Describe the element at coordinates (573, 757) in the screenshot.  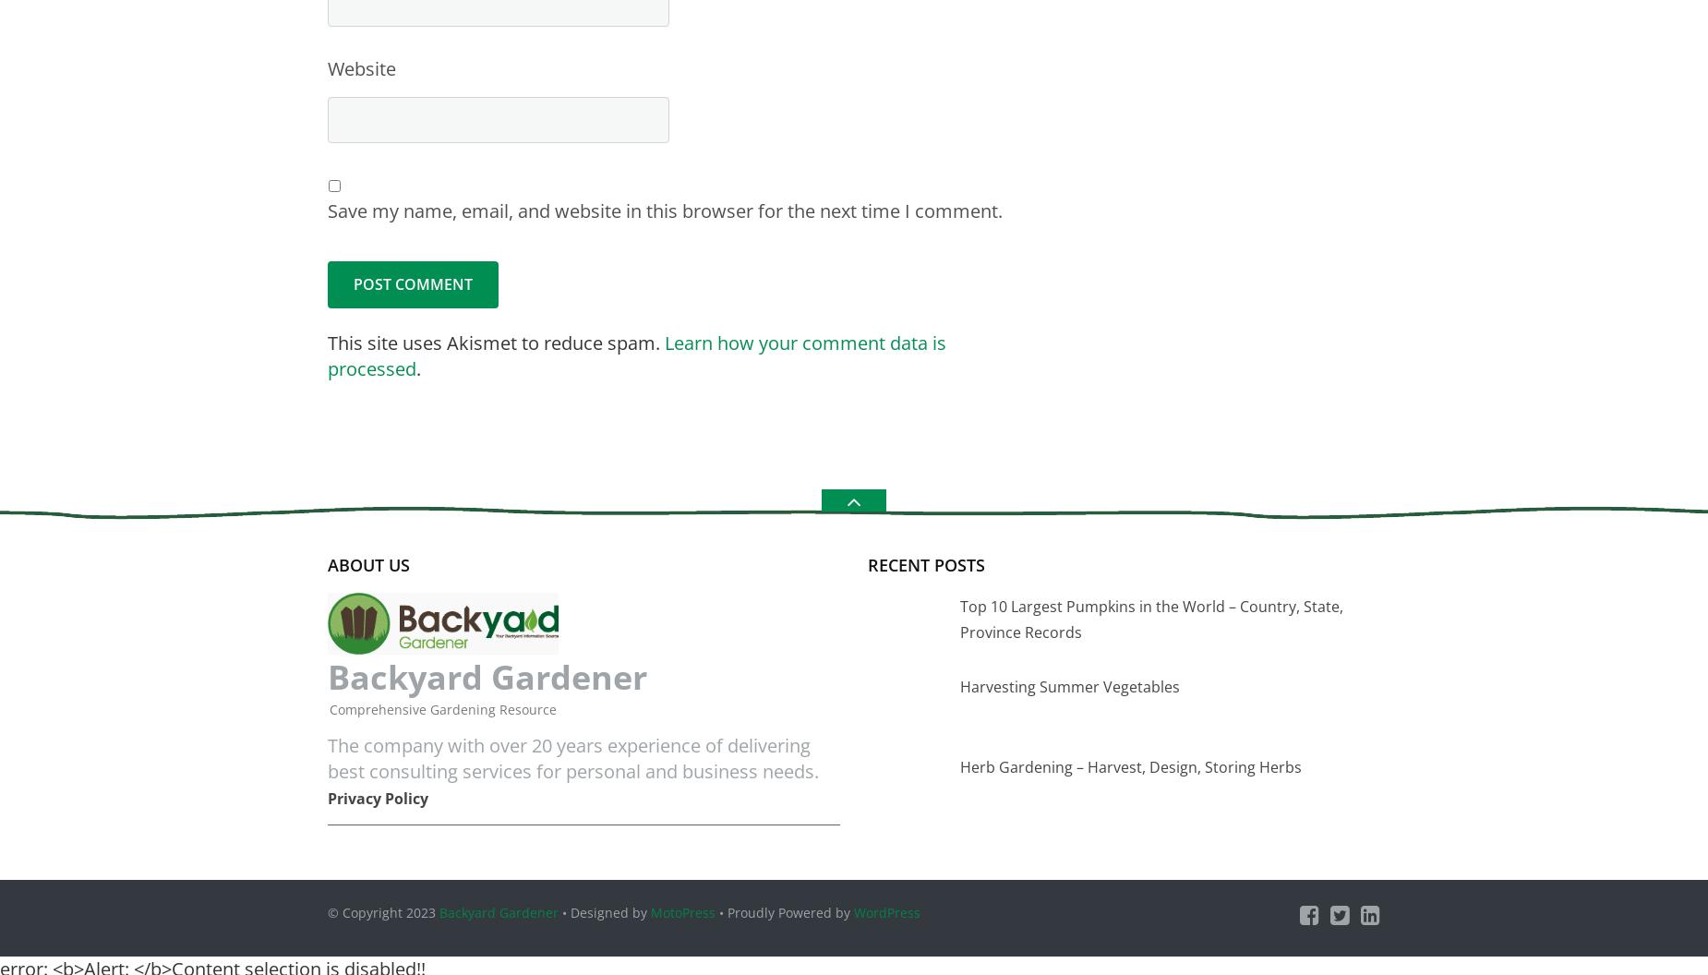
I see `'The company with over 20 years experience of delivering best consulting services for personal and business needs.'` at that location.